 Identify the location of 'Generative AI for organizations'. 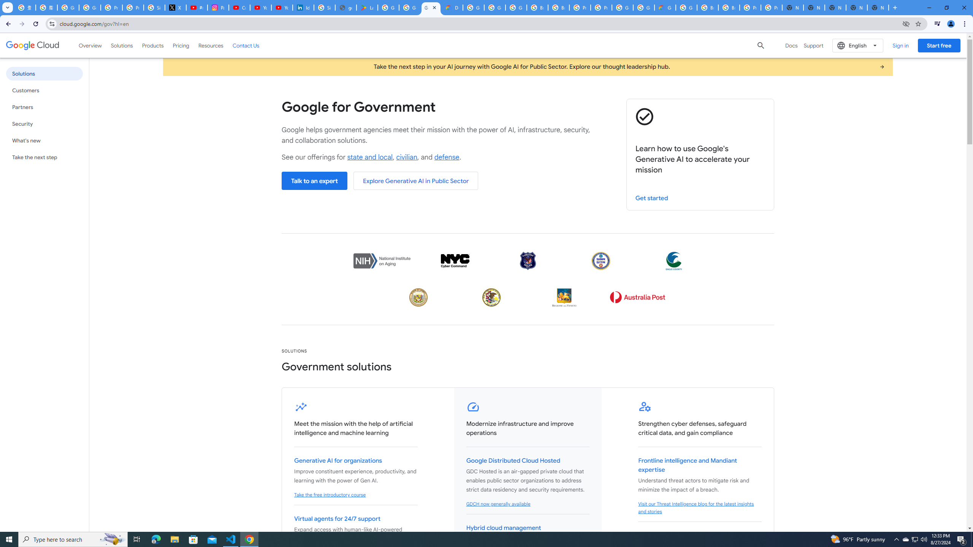
(338, 461).